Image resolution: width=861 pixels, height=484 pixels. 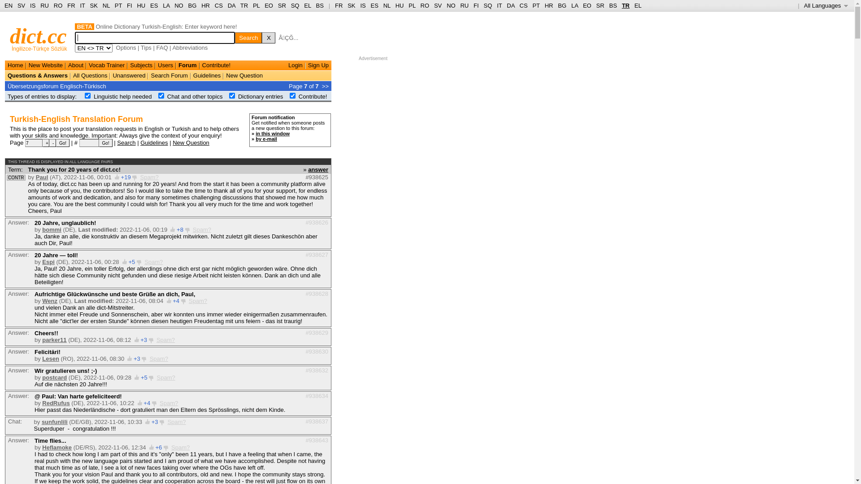 I want to click on 'EL', so click(x=307, y=5).